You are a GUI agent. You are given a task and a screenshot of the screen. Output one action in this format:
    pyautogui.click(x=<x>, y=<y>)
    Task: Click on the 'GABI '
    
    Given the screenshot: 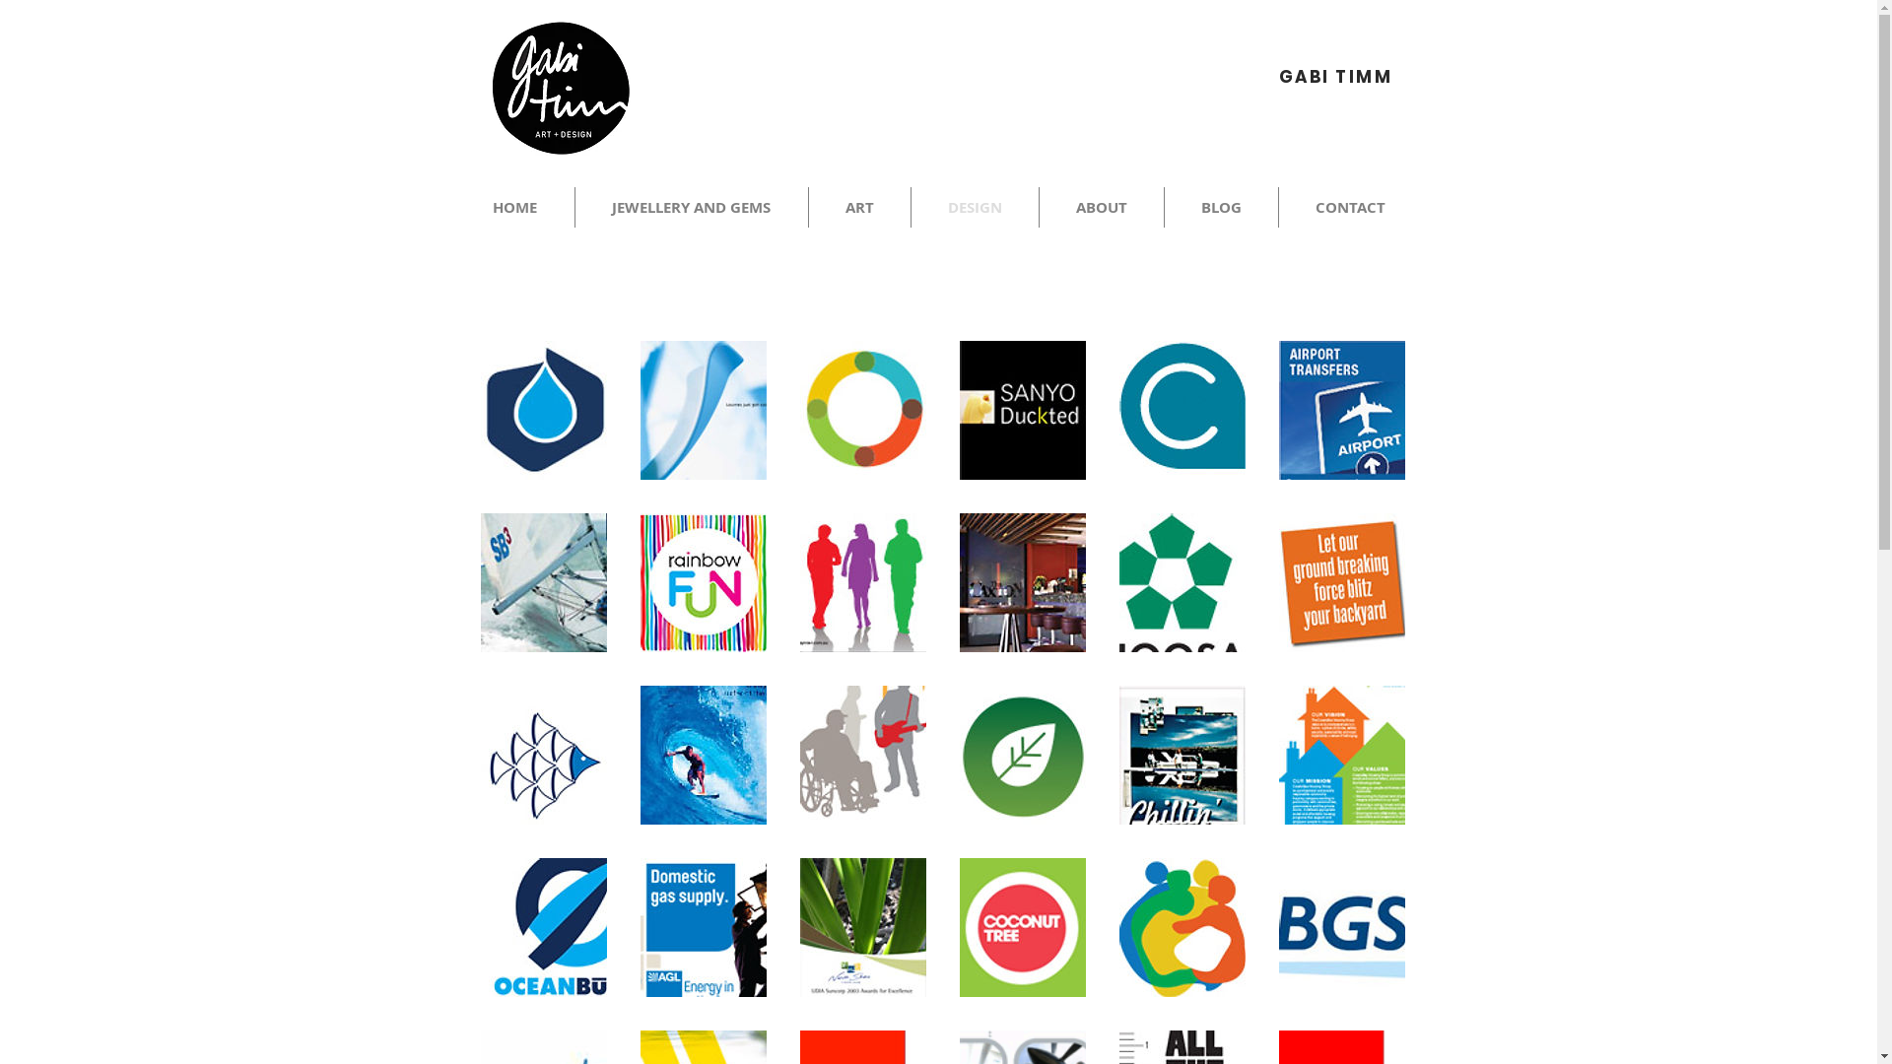 What is the action you would take?
    pyautogui.click(x=1307, y=75)
    